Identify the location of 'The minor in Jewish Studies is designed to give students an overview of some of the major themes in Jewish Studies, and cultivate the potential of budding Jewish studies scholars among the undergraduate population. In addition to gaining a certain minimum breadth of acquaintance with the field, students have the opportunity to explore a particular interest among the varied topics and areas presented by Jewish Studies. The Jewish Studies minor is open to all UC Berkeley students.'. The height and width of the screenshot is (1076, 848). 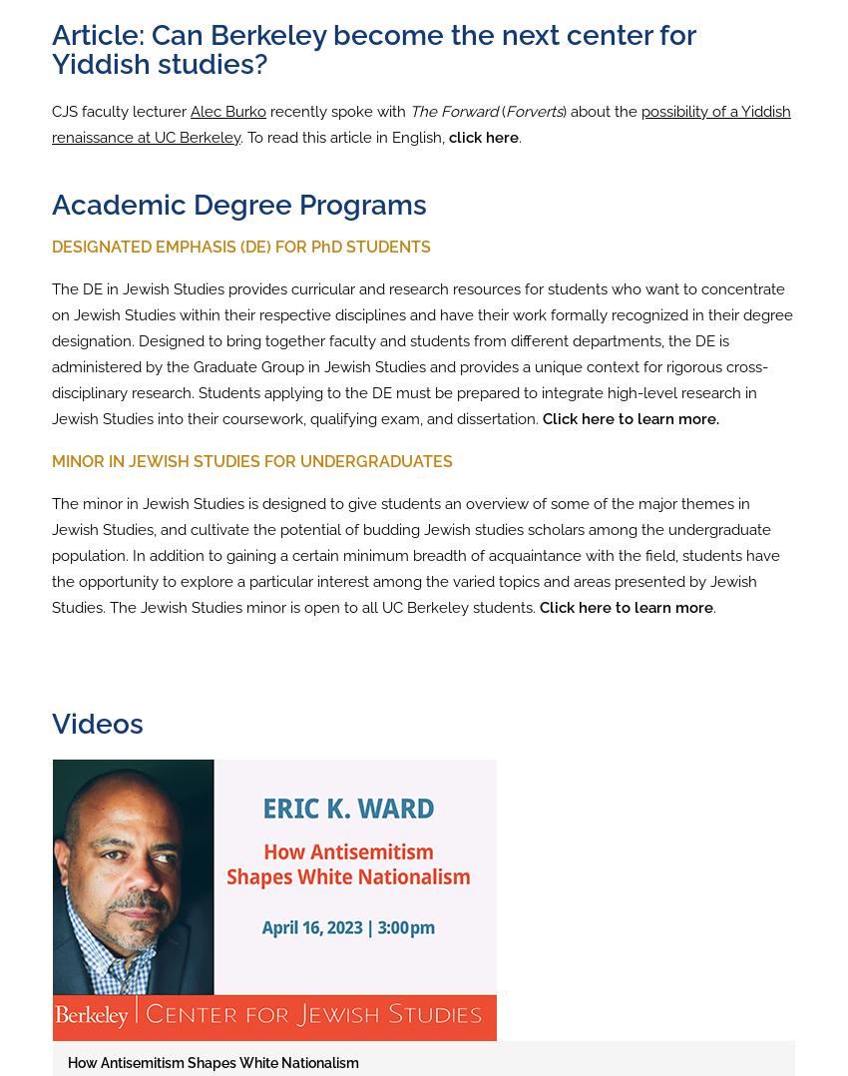
(416, 555).